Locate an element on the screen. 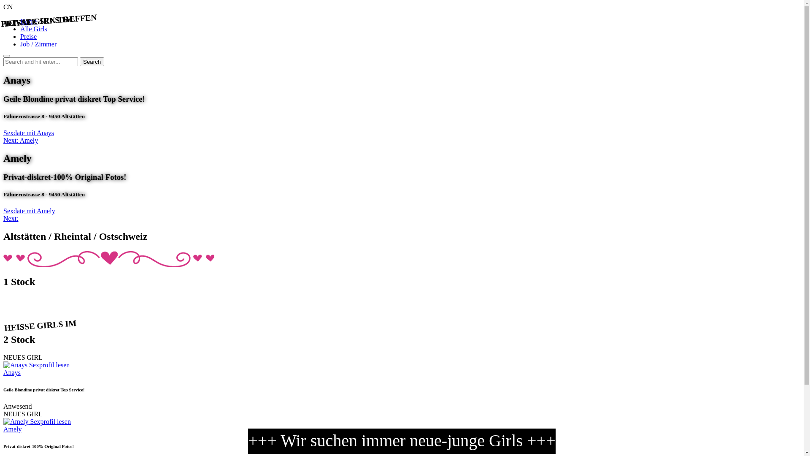 This screenshot has width=810, height=456. 'Job / Zimmer' is located at coordinates (38, 44).